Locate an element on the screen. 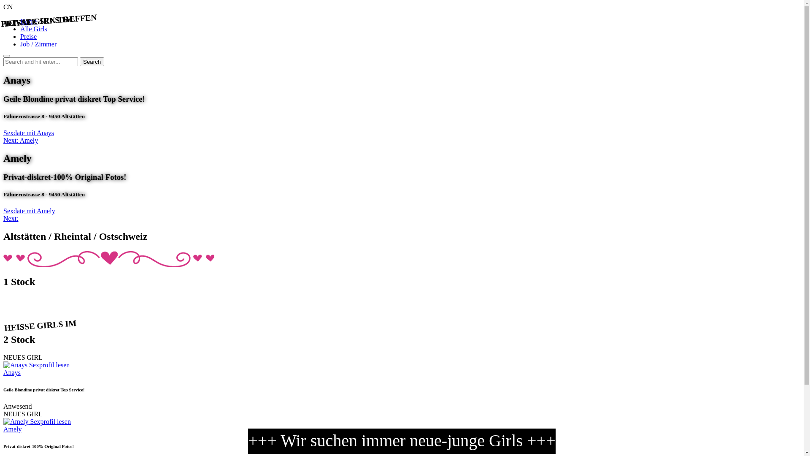 This screenshot has width=810, height=456. 'Job / Zimmer' is located at coordinates (38, 44).